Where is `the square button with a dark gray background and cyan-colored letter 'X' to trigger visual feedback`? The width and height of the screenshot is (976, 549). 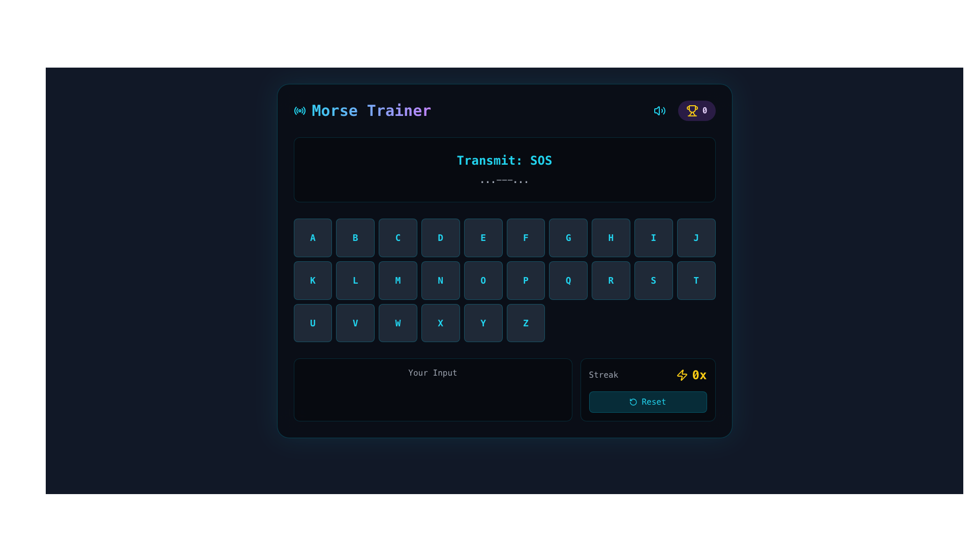 the square button with a dark gray background and cyan-colored letter 'X' to trigger visual feedback is located at coordinates (440, 323).